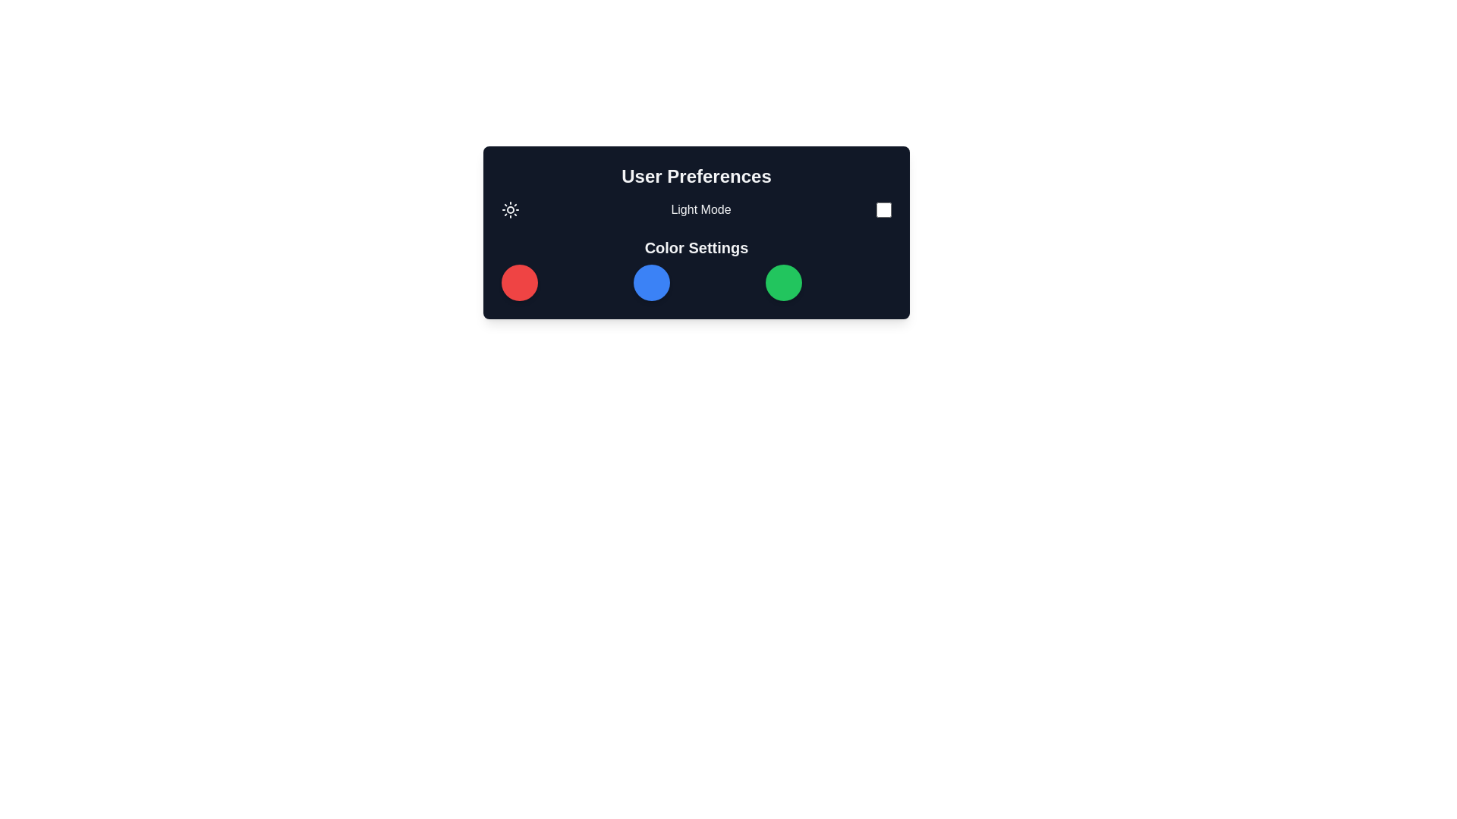 This screenshot has height=819, width=1457. Describe the element at coordinates (700, 210) in the screenshot. I see `the descriptive label for the light mode setting, which is centrally located between the sun icon and the checkbox toggle` at that location.